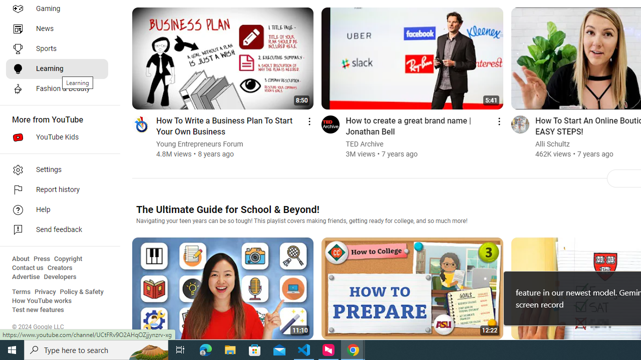  Describe the element at coordinates (28, 267) in the screenshot. I see `'Contact us'` at that location.